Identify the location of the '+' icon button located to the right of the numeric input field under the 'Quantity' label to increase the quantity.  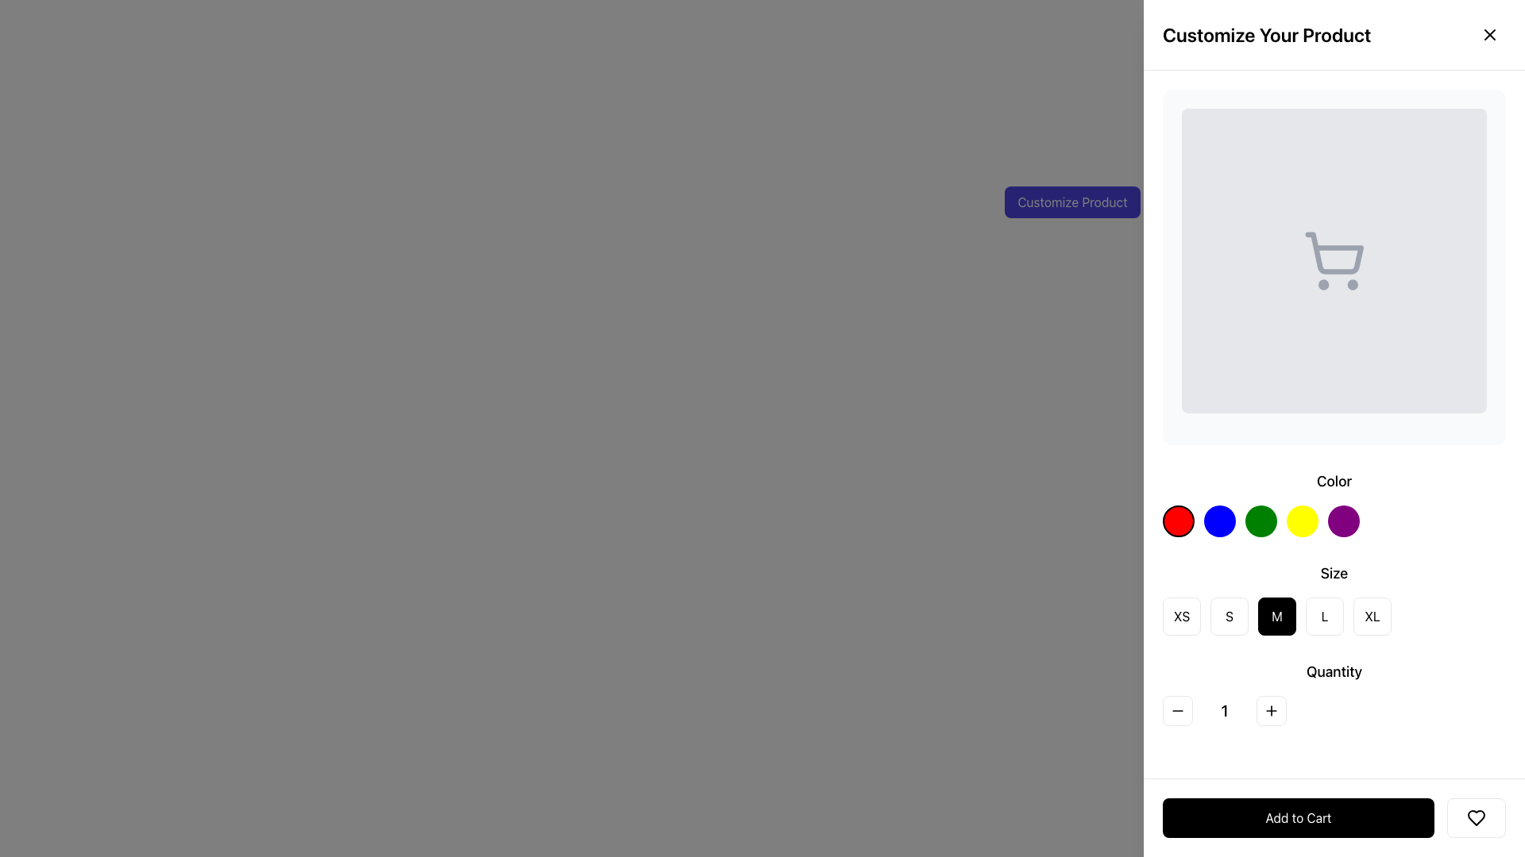
(1272, 709).